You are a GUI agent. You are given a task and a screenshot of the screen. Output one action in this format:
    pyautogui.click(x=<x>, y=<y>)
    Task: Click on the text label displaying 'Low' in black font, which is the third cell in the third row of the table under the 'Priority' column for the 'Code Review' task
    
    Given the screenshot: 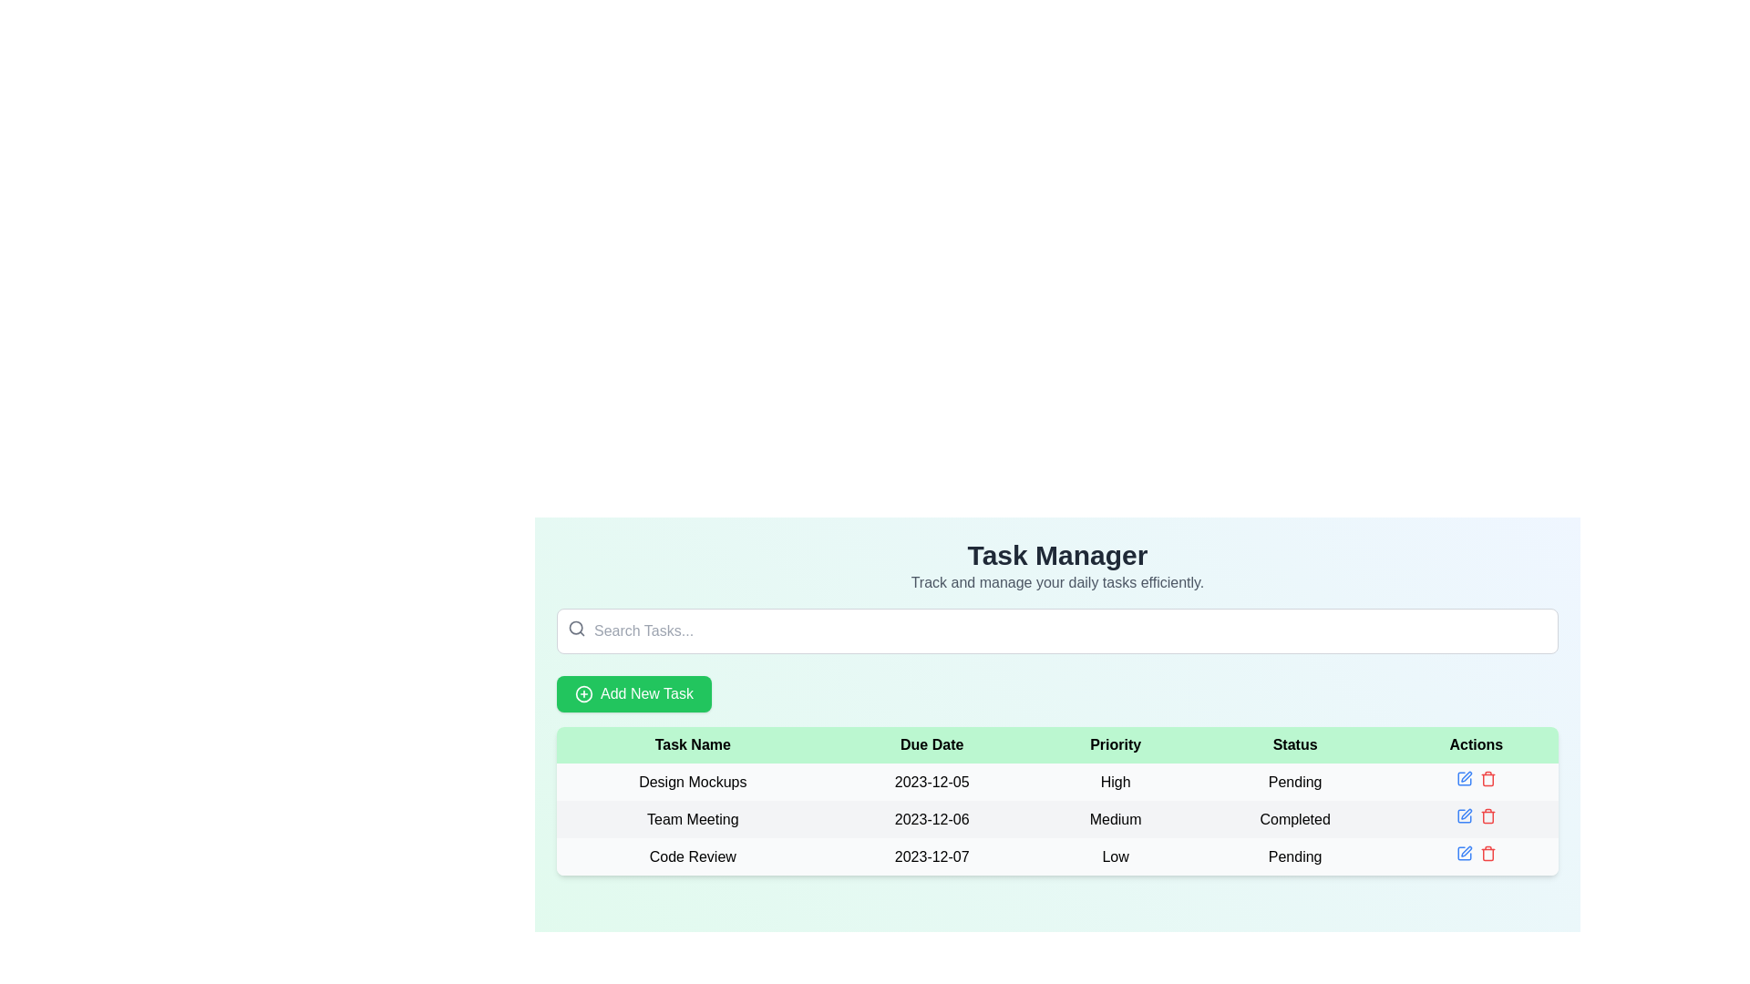 What is the action you would take?
    pyautogui.click(x=1115, y=856)
    